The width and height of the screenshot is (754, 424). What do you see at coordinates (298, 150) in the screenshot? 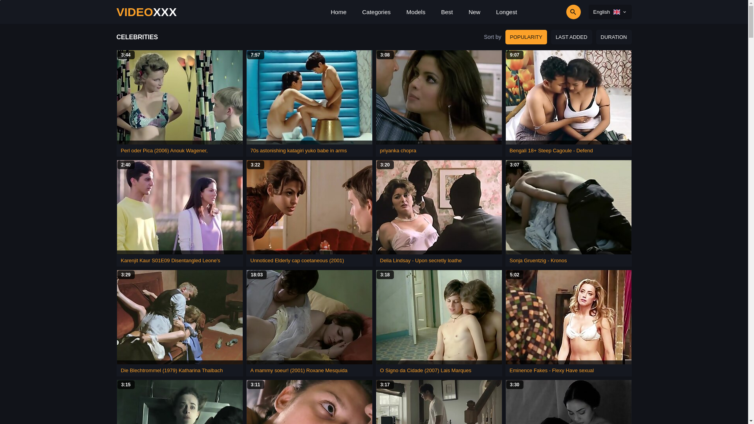
I see `'70s astonishing katagiri yuko babe in arms'` at bounding box center [298, 150].